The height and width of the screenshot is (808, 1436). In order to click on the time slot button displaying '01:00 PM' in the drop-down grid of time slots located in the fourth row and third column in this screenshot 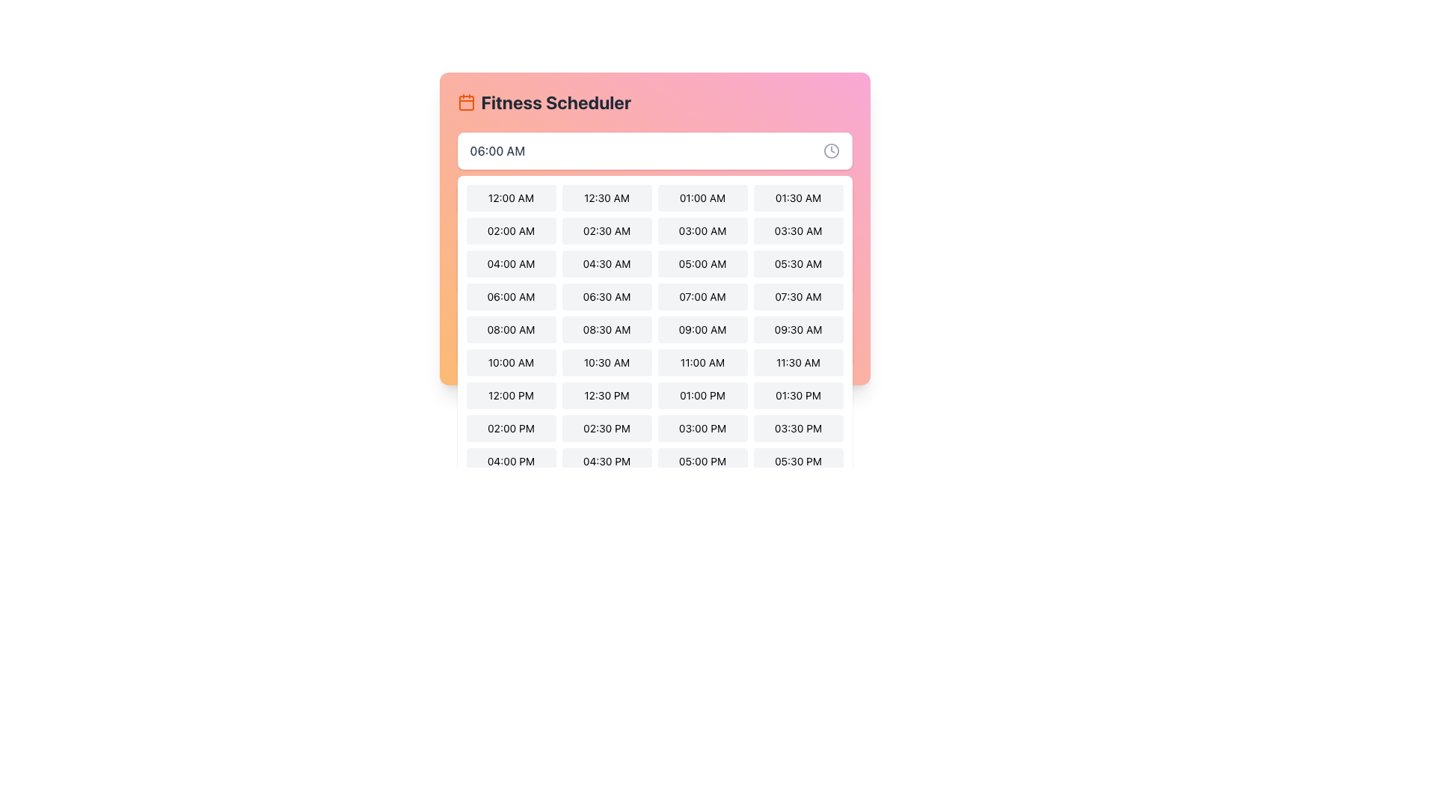, I will do `click(702, 394)`.